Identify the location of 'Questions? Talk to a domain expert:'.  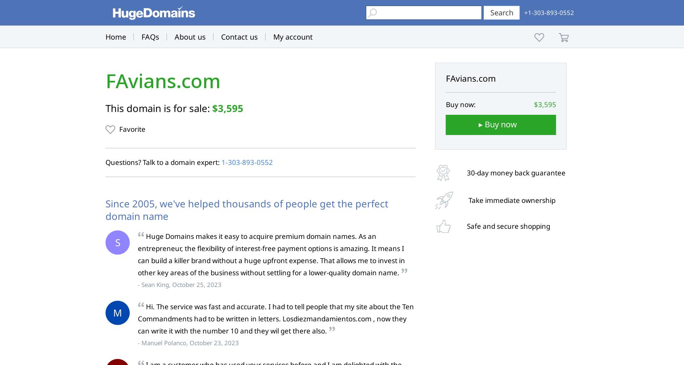
(163, 162).